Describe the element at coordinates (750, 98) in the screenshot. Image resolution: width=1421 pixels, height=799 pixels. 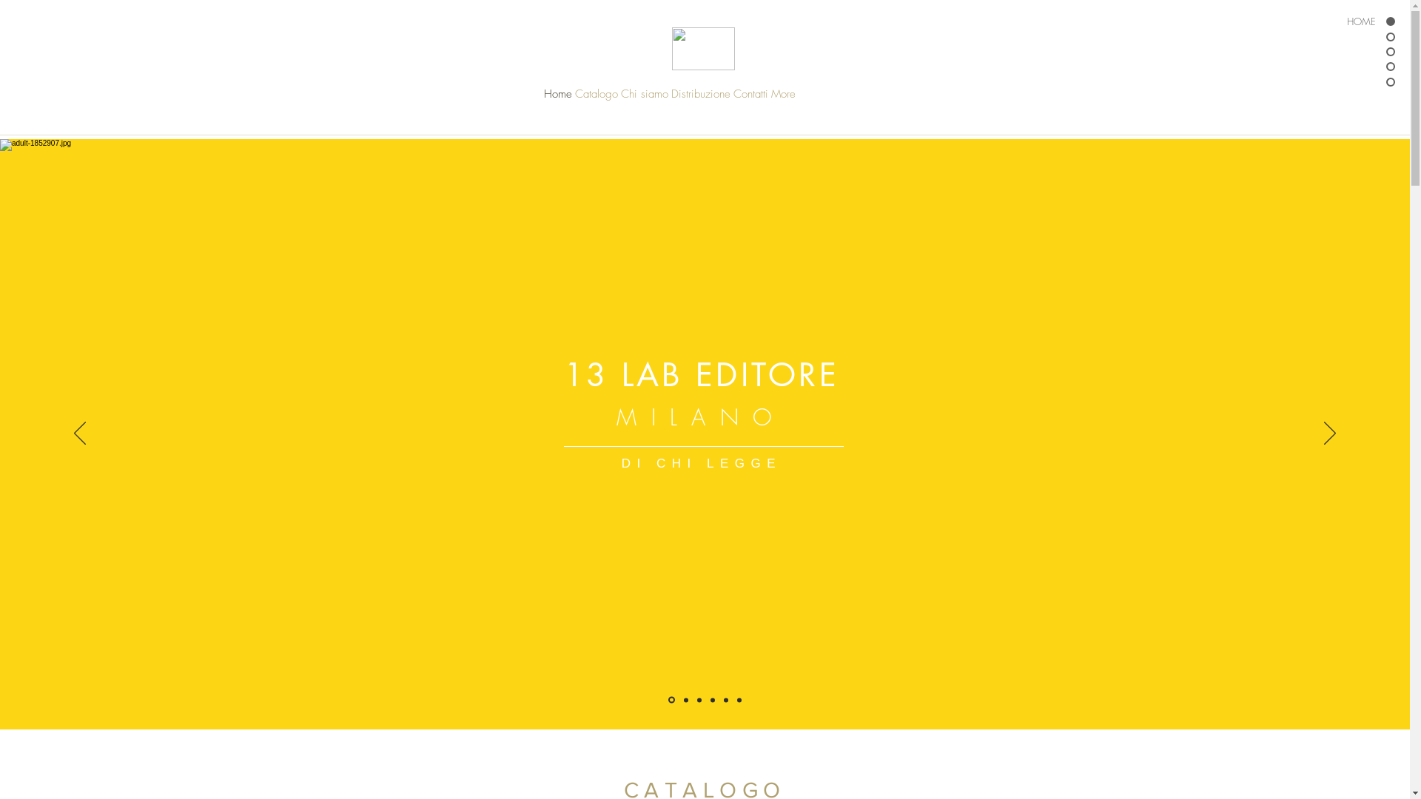
I see `'Contatti'` at that location.